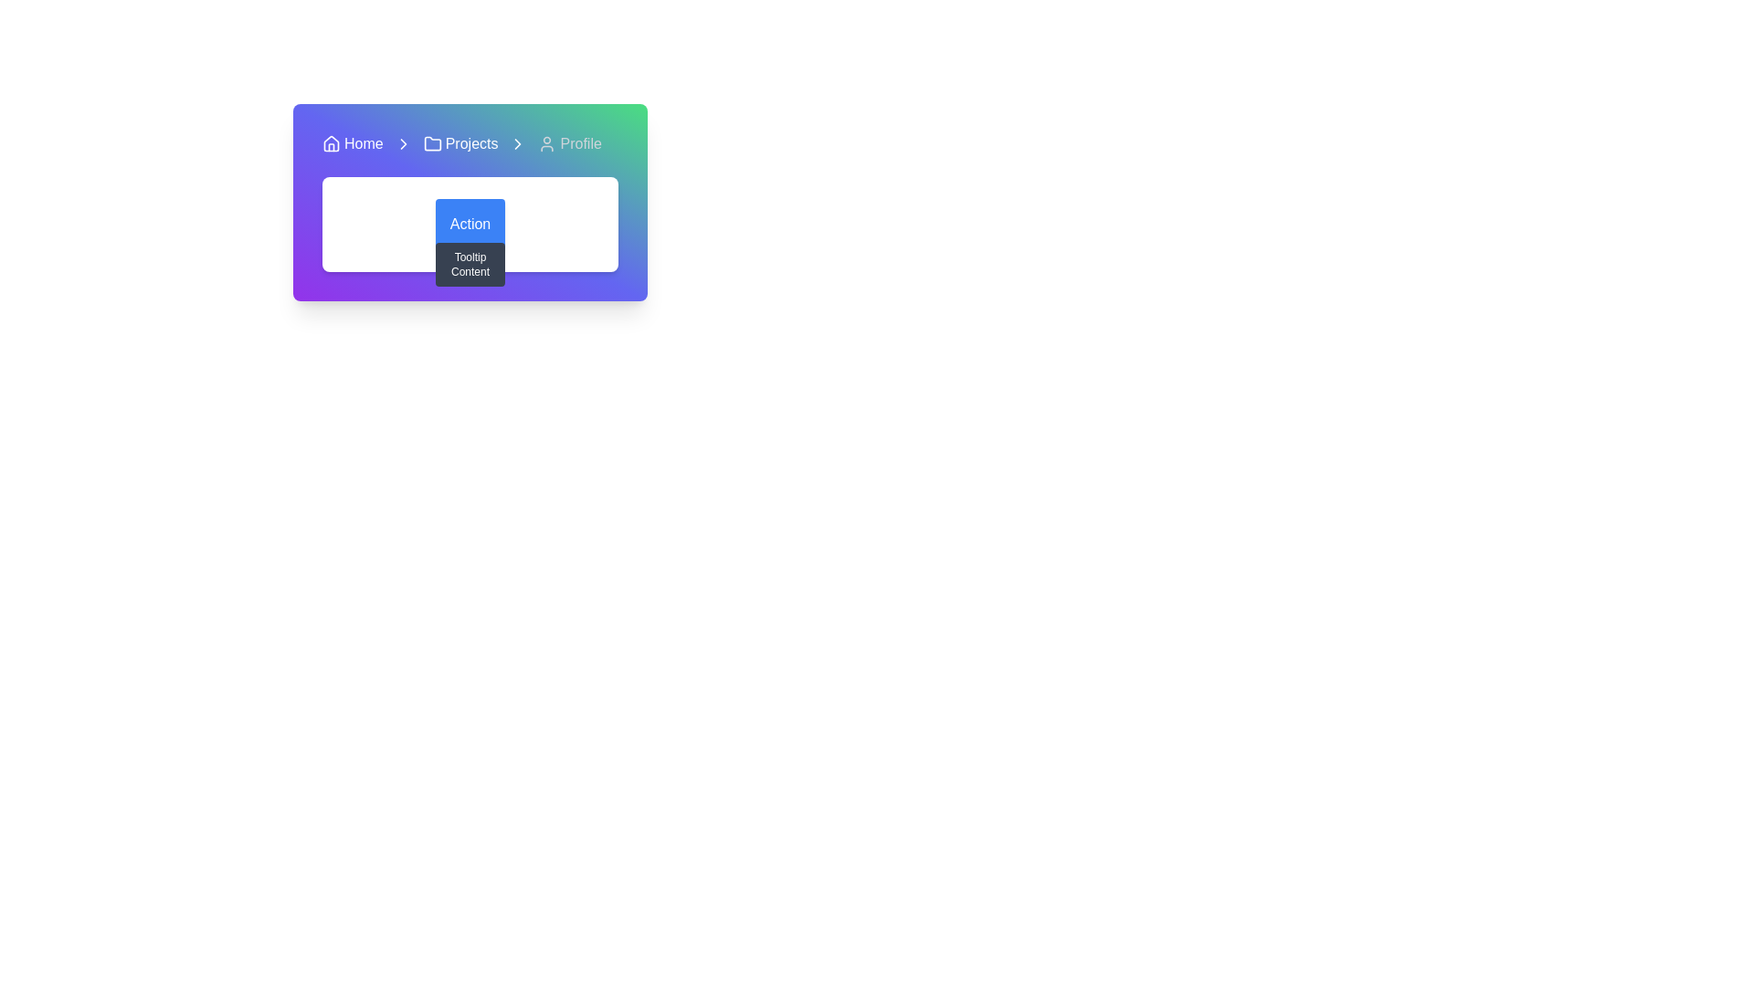 The height and width of the screenshot is (986, 1754). I want to click on the Profile navigation link icon, which features a user silhouette and the label 'Profile', located in the top navigation bar as the third item from the left, so click(569, 143).